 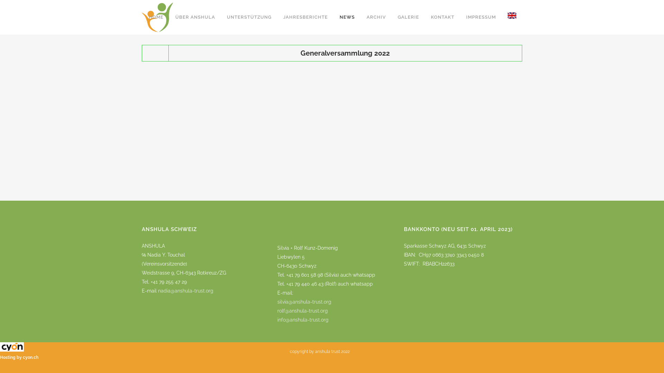 What do you see at coordinates (460, 17) in the screenshot?
I see `'IMPRESSUM'` at bounding box center [460, 17].